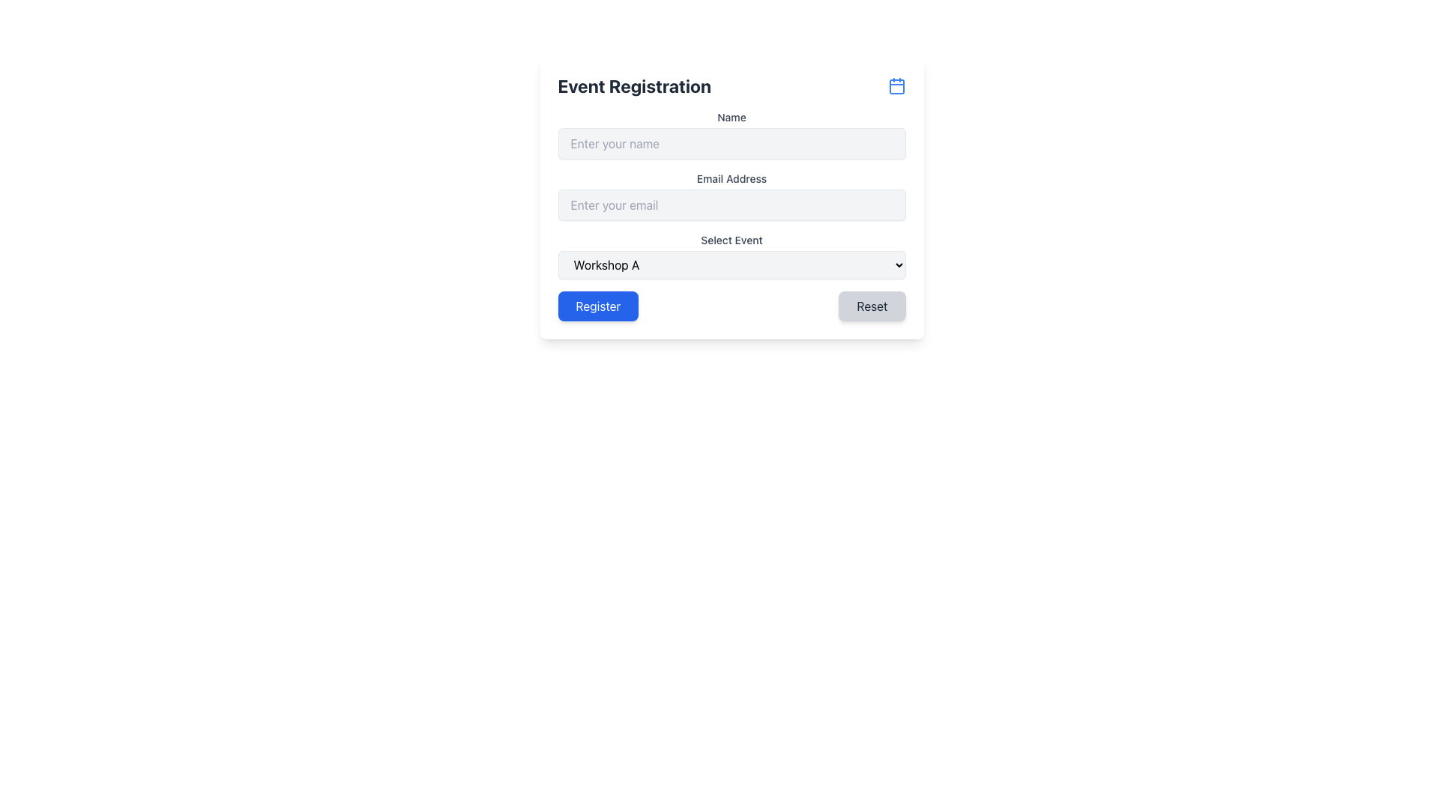 The height and width of the screenshot is (809, 1439). I want to click on the label indicating 'name' which is positioned above the input field labeled 'Enter your name', so click(731, 117).